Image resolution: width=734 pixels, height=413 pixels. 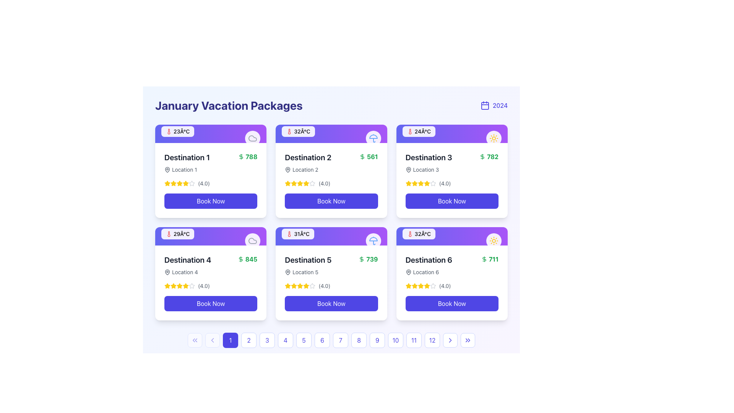 I want to click on the Price Label displaying the price of the vacation package for 'Destination 5', so click(x=368, y=259).